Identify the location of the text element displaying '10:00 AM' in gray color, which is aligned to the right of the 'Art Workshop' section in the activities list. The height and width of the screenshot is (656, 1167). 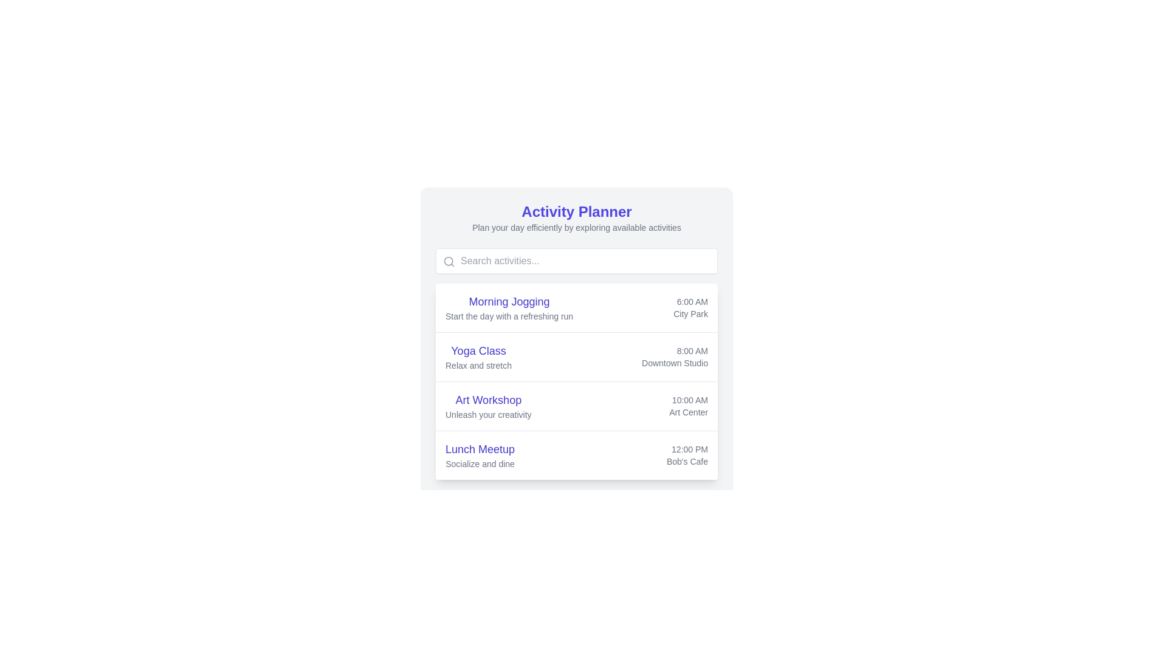
(689, 400).